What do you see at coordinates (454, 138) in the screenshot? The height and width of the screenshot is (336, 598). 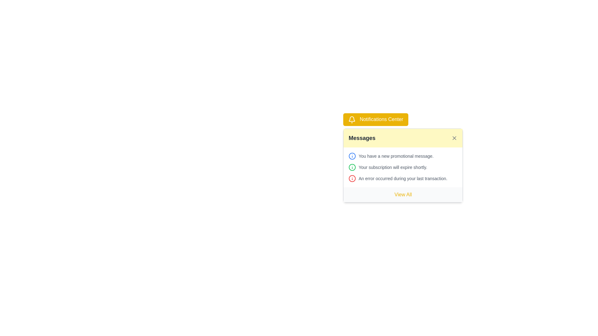 I see `the close button represented by an 'X' icon located at the top-right corner of the 'Messages' section` at bounding box center [454, 138].